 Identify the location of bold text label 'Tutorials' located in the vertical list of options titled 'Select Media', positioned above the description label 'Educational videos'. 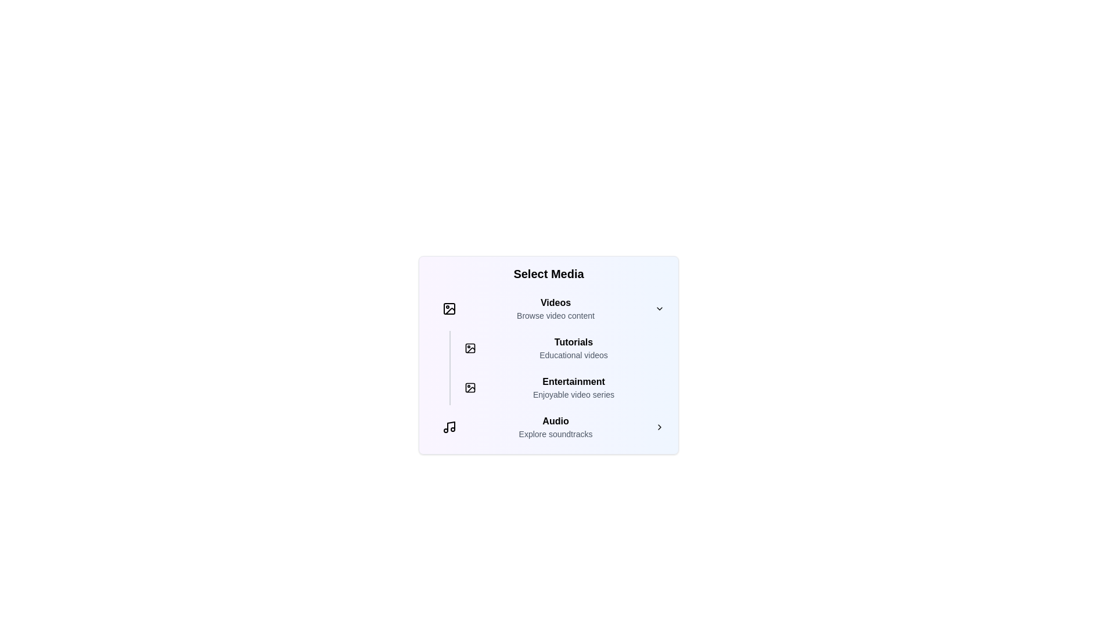
(574, 342).